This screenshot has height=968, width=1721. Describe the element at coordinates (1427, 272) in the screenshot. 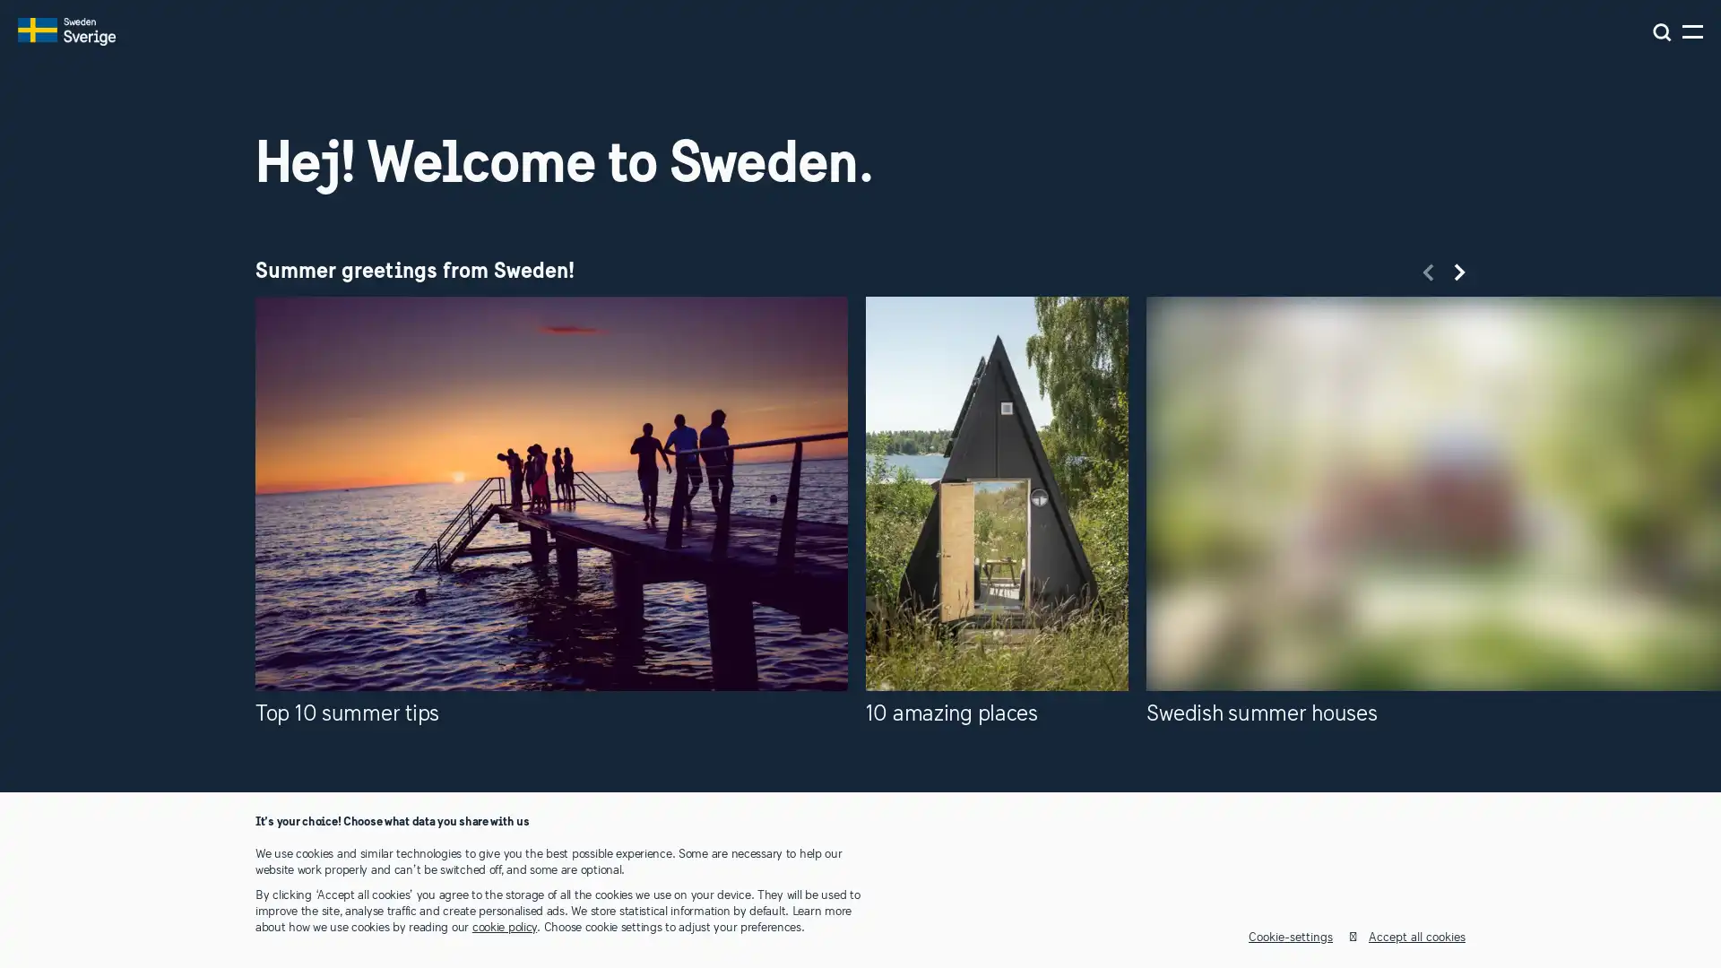

I see `Previous slide` at that location.